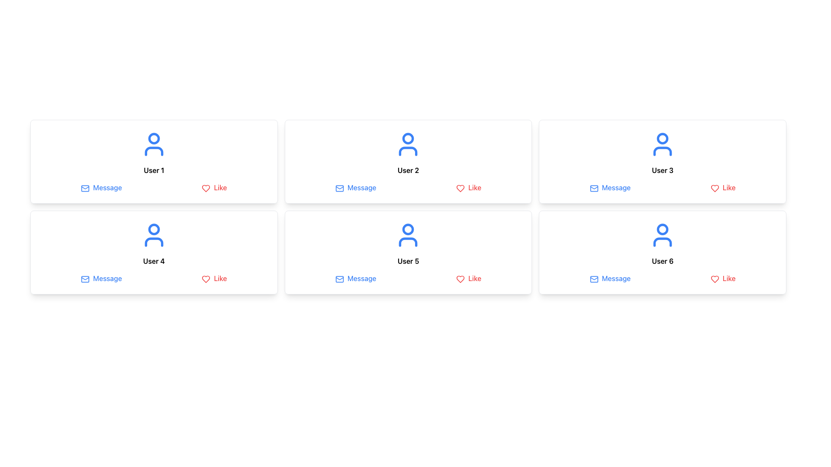  I want to click on the blue user icon representing 'User 4' in the upper section of the user card, which visually depicts the user's head, so click(154, 229).